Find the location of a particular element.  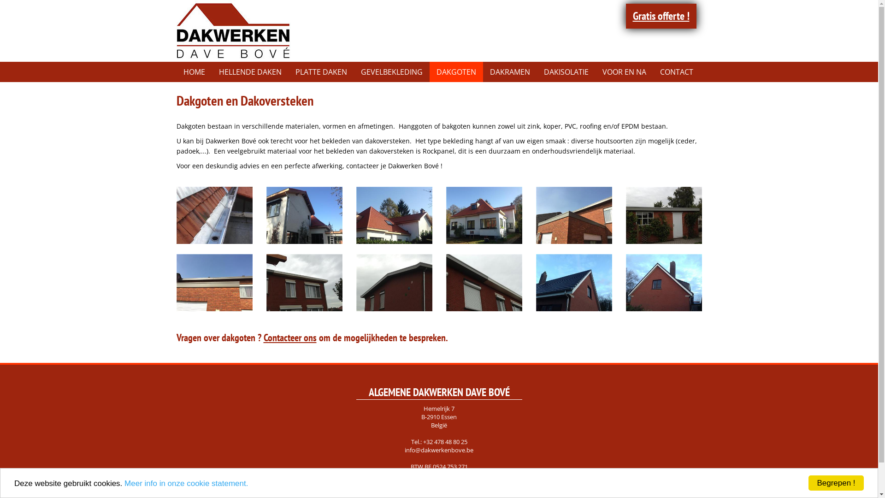

'DAKRAMEN' is located at coordinates (509, 71).